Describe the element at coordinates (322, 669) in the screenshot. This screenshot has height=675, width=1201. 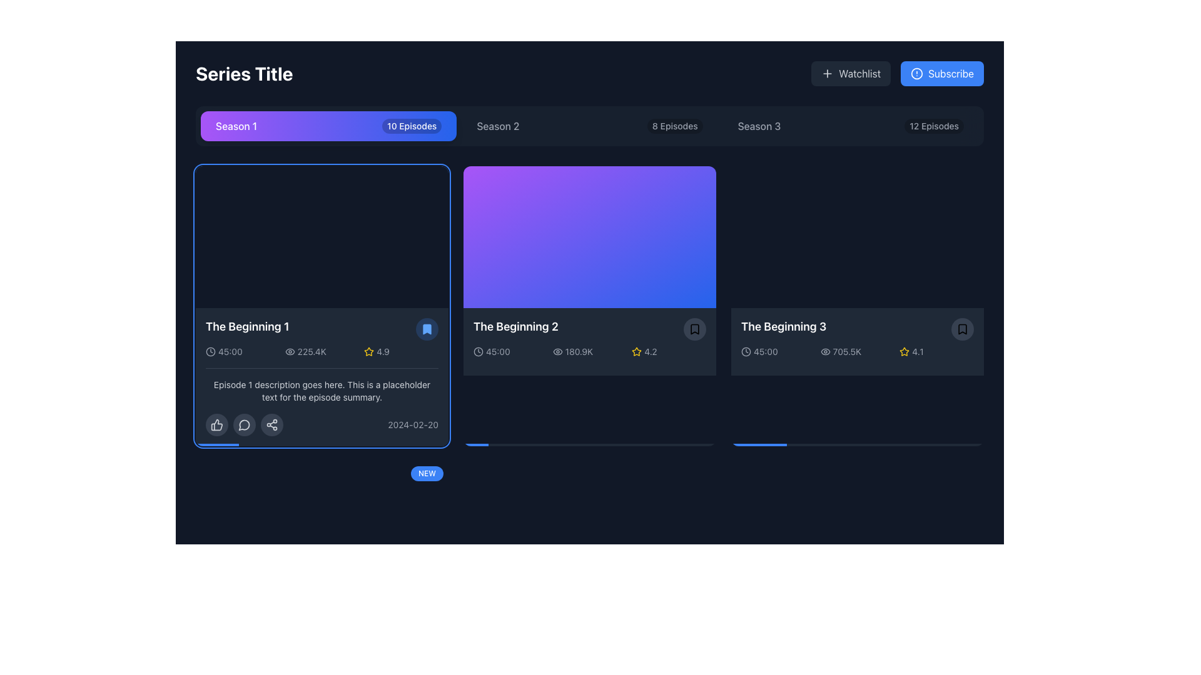
I see `the progress status of the progress bar located at the bottom of the episode card component panel` at that location.